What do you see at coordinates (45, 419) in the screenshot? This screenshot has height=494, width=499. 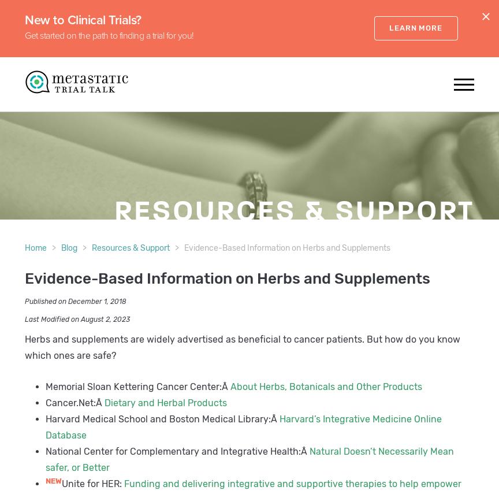 I see `'Harvard Medical School and Boston Medical Library:Â'` at bounding box center [45, 419].